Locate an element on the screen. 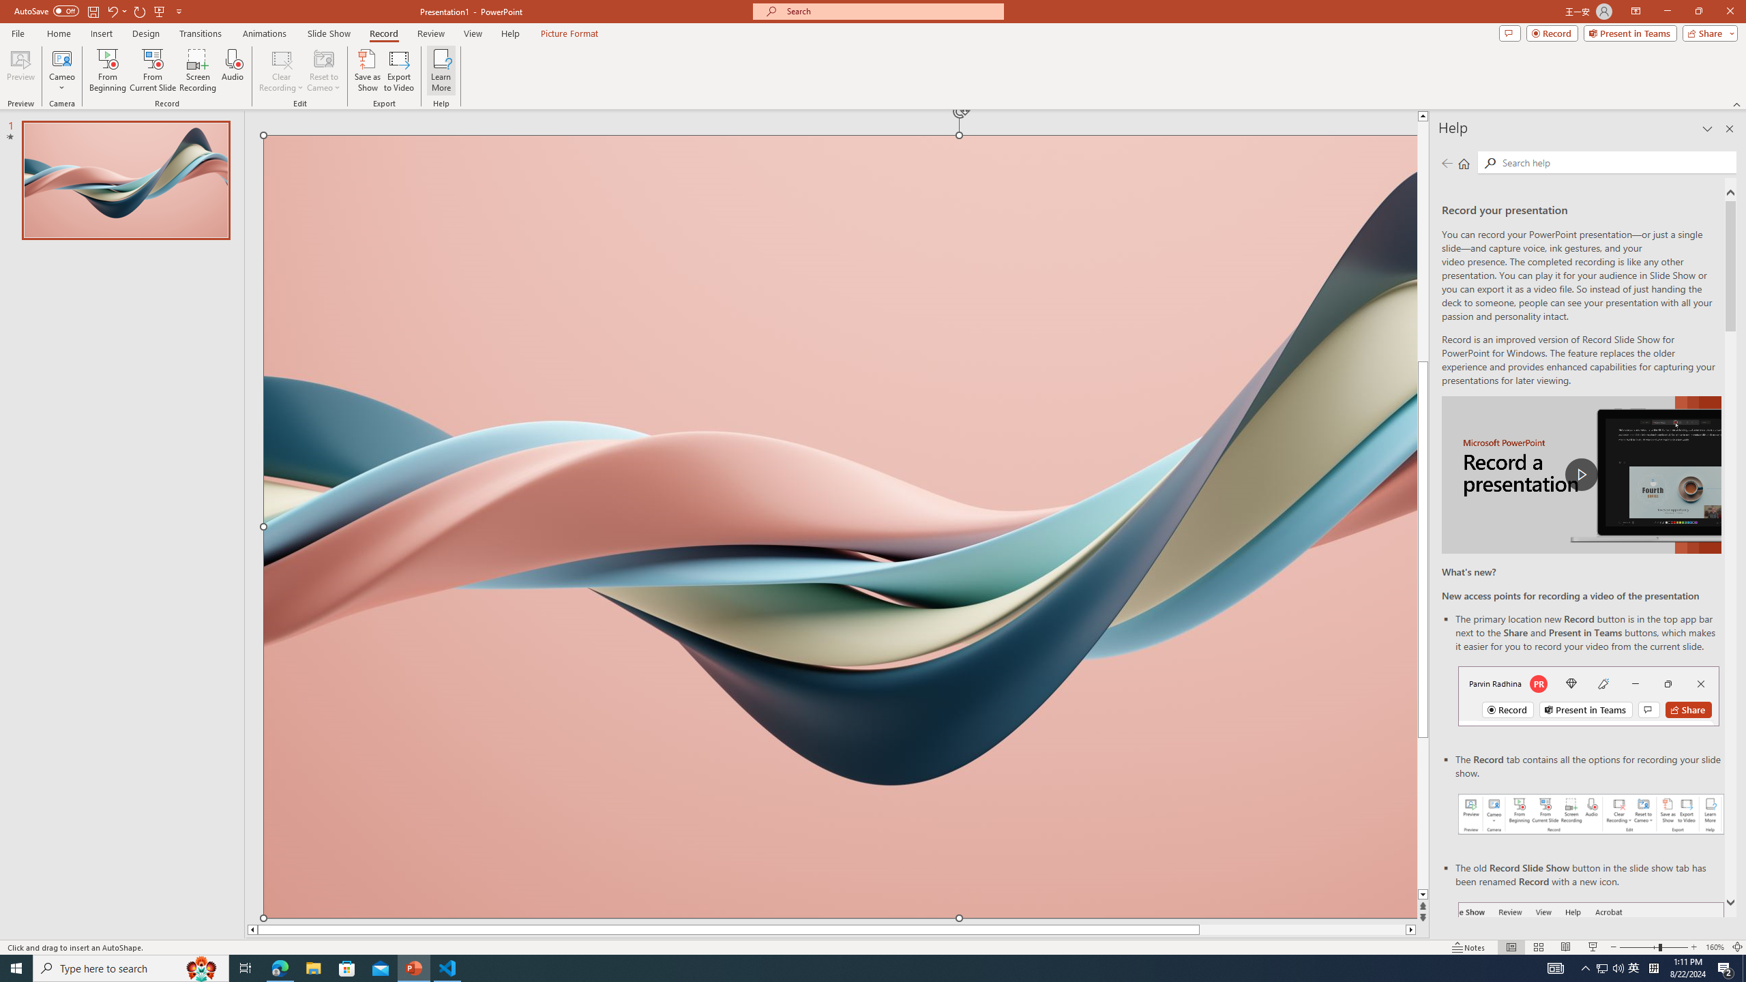 The height and width of the screenshot is (982, 1746). 'Cameo' is located at coordinates (61, 57).